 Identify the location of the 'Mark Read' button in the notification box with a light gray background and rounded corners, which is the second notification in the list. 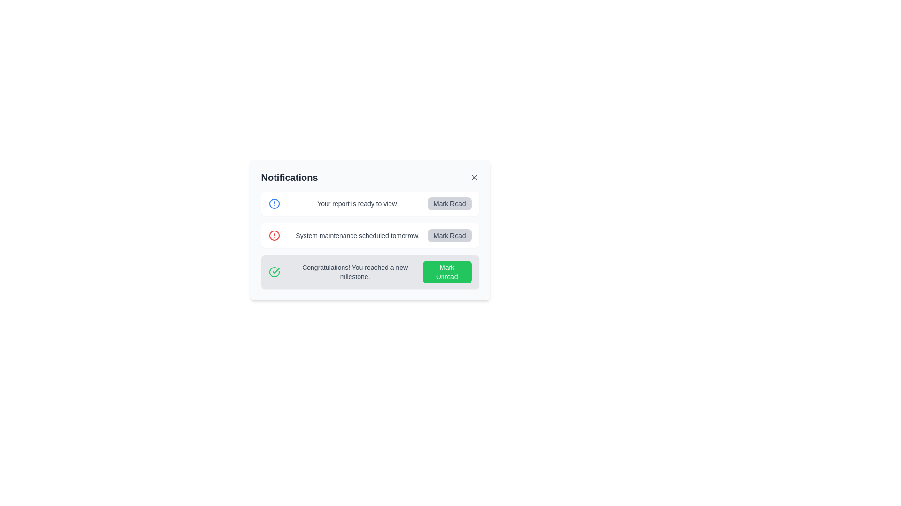
(369, 230).